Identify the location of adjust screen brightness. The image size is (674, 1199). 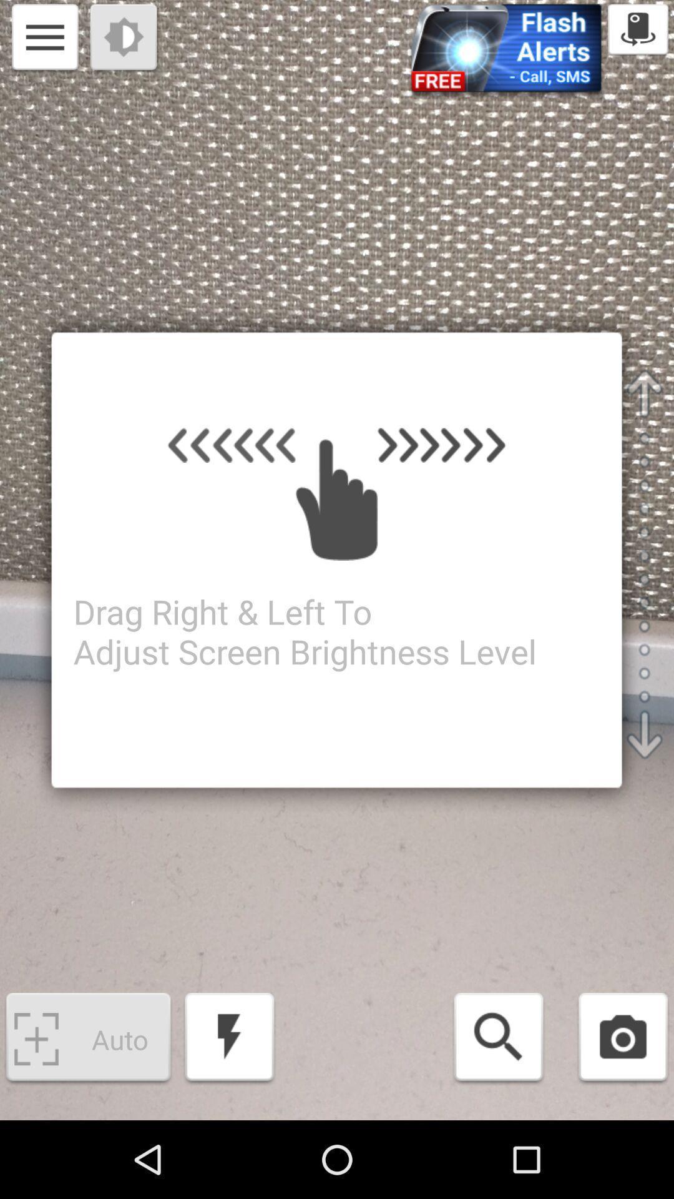
(125, 39).